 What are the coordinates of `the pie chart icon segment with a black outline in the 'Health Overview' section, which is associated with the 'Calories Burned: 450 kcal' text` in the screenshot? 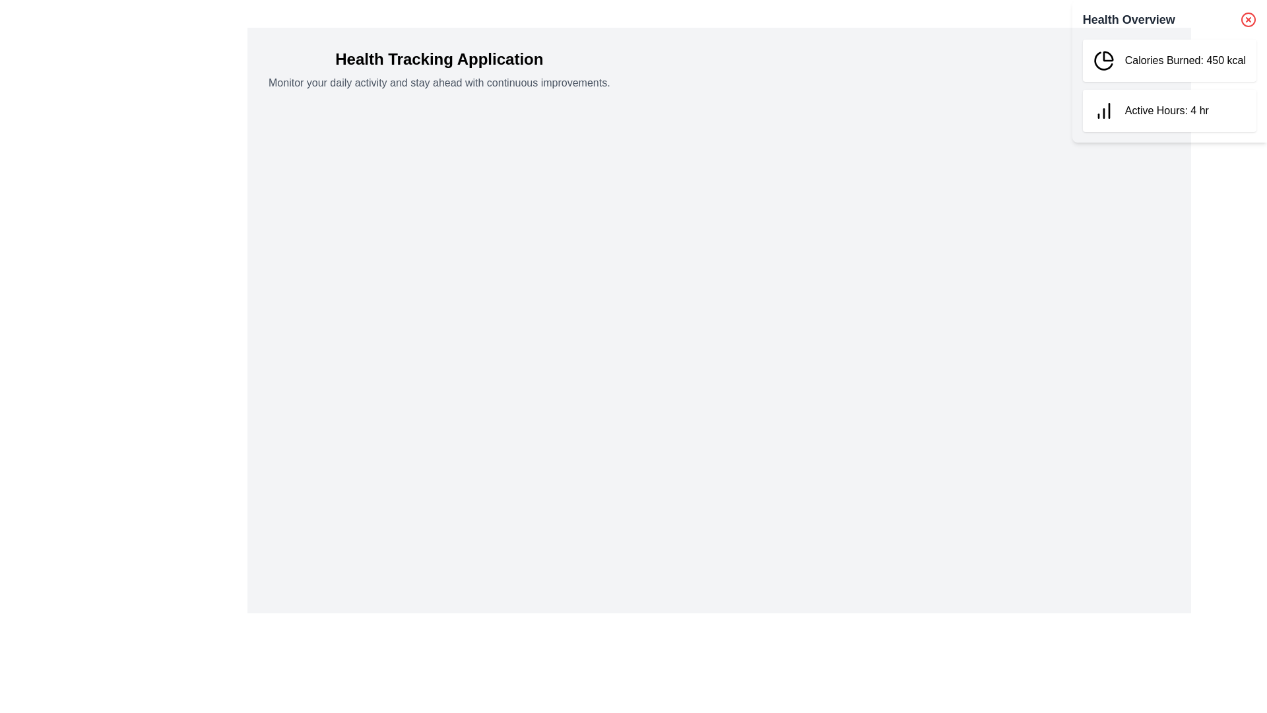 It's located at (1108, 55).